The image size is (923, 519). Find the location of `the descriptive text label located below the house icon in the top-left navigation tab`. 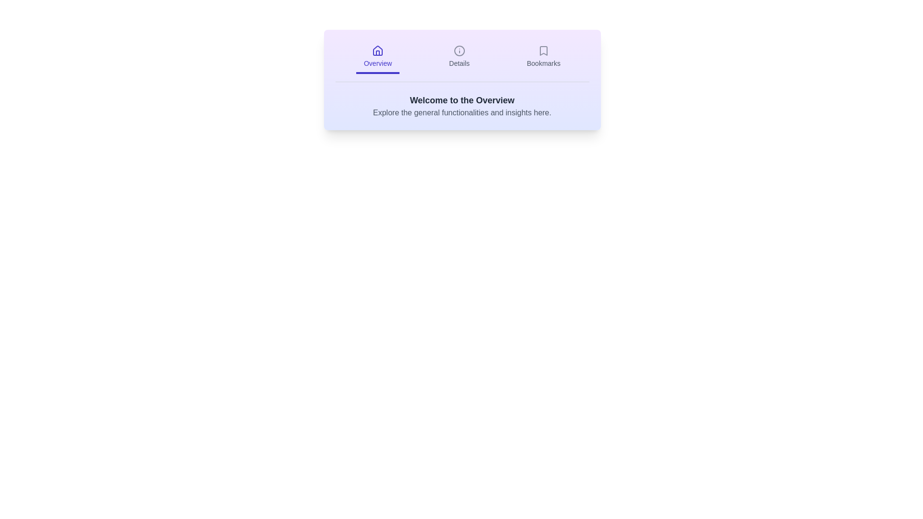

the descriptive text label located below the house icon in the top-left navigation tab is located at coordinates (377, 63).